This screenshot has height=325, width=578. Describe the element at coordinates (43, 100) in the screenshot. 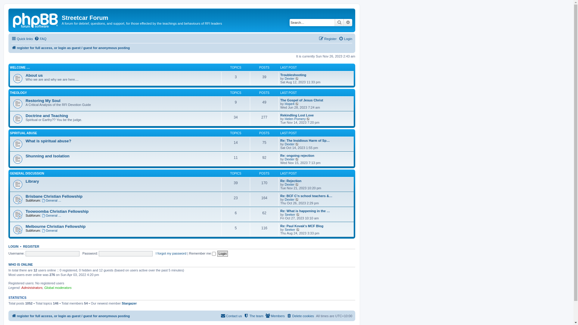

I see `'Restoring My Soul'` at that location.